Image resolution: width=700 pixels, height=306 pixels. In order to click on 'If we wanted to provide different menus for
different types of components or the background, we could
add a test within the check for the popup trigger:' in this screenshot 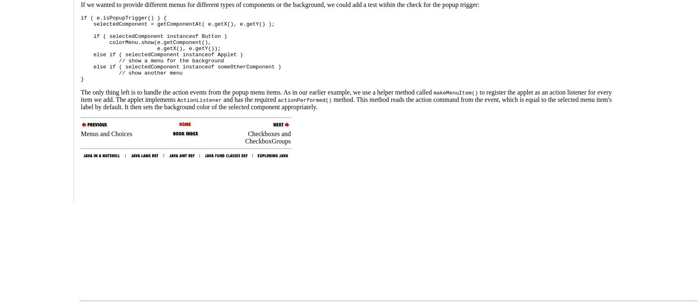, I will do `click(81, 4)`.